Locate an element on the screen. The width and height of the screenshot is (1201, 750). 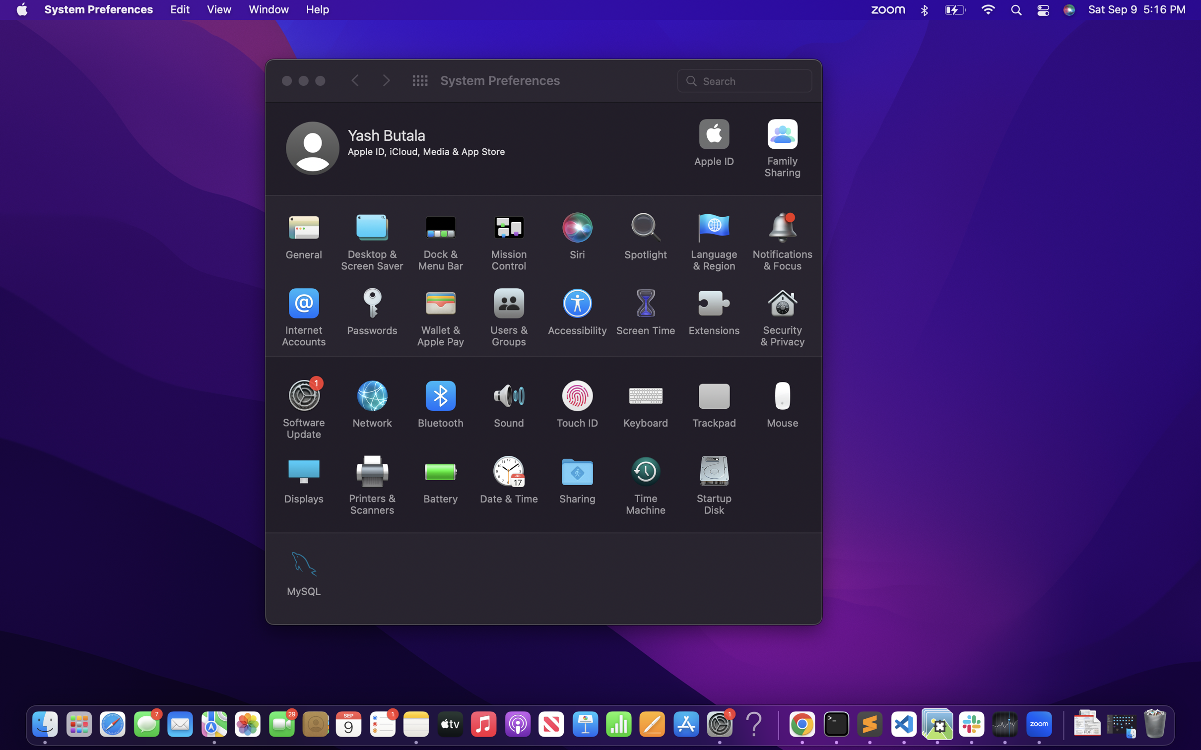
Search for application setting in search bar is located at coordinates (745, 79).